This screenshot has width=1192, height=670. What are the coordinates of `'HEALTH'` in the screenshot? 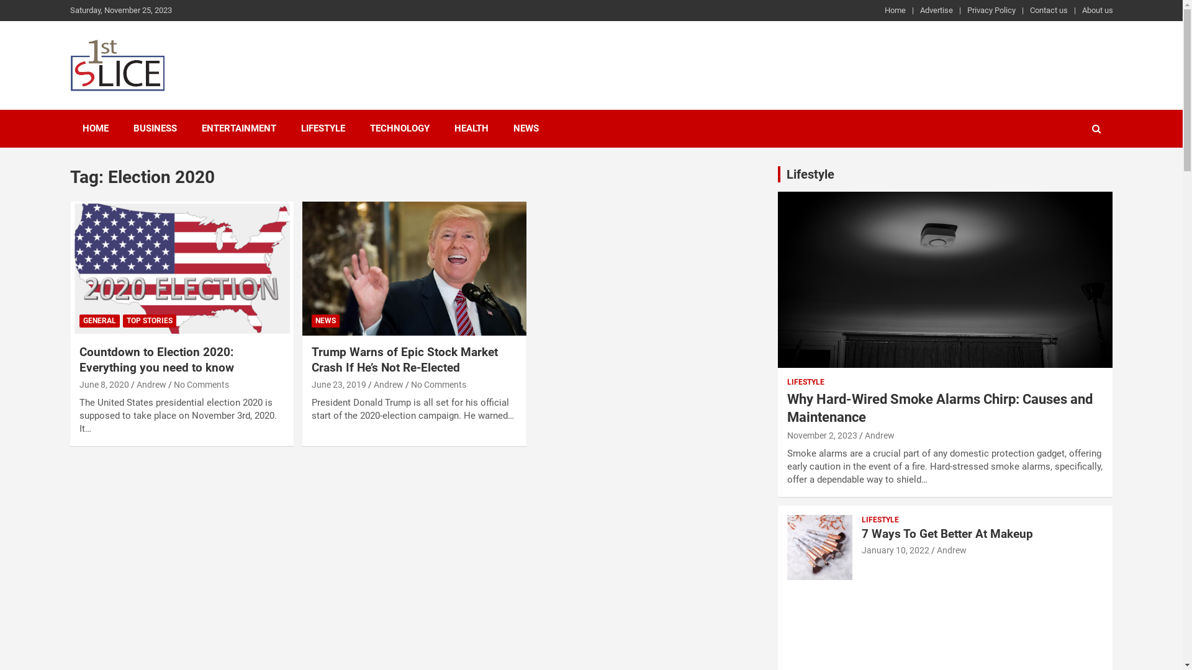 It's located at (471, 128).